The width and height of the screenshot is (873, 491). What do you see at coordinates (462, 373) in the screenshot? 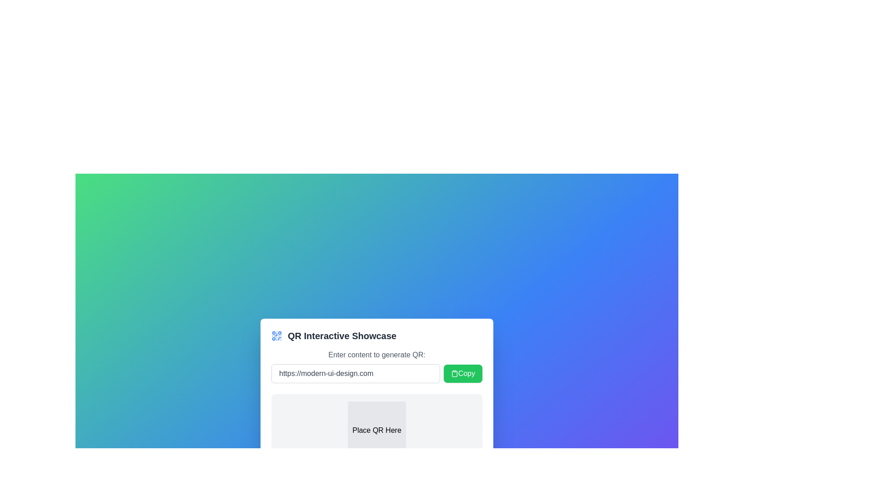
I see `the green 'Copy' button with a clipboard icon to copy the text from the input field displaying 'https://modern-ui-design.com'` at bounding box center [462, 373].